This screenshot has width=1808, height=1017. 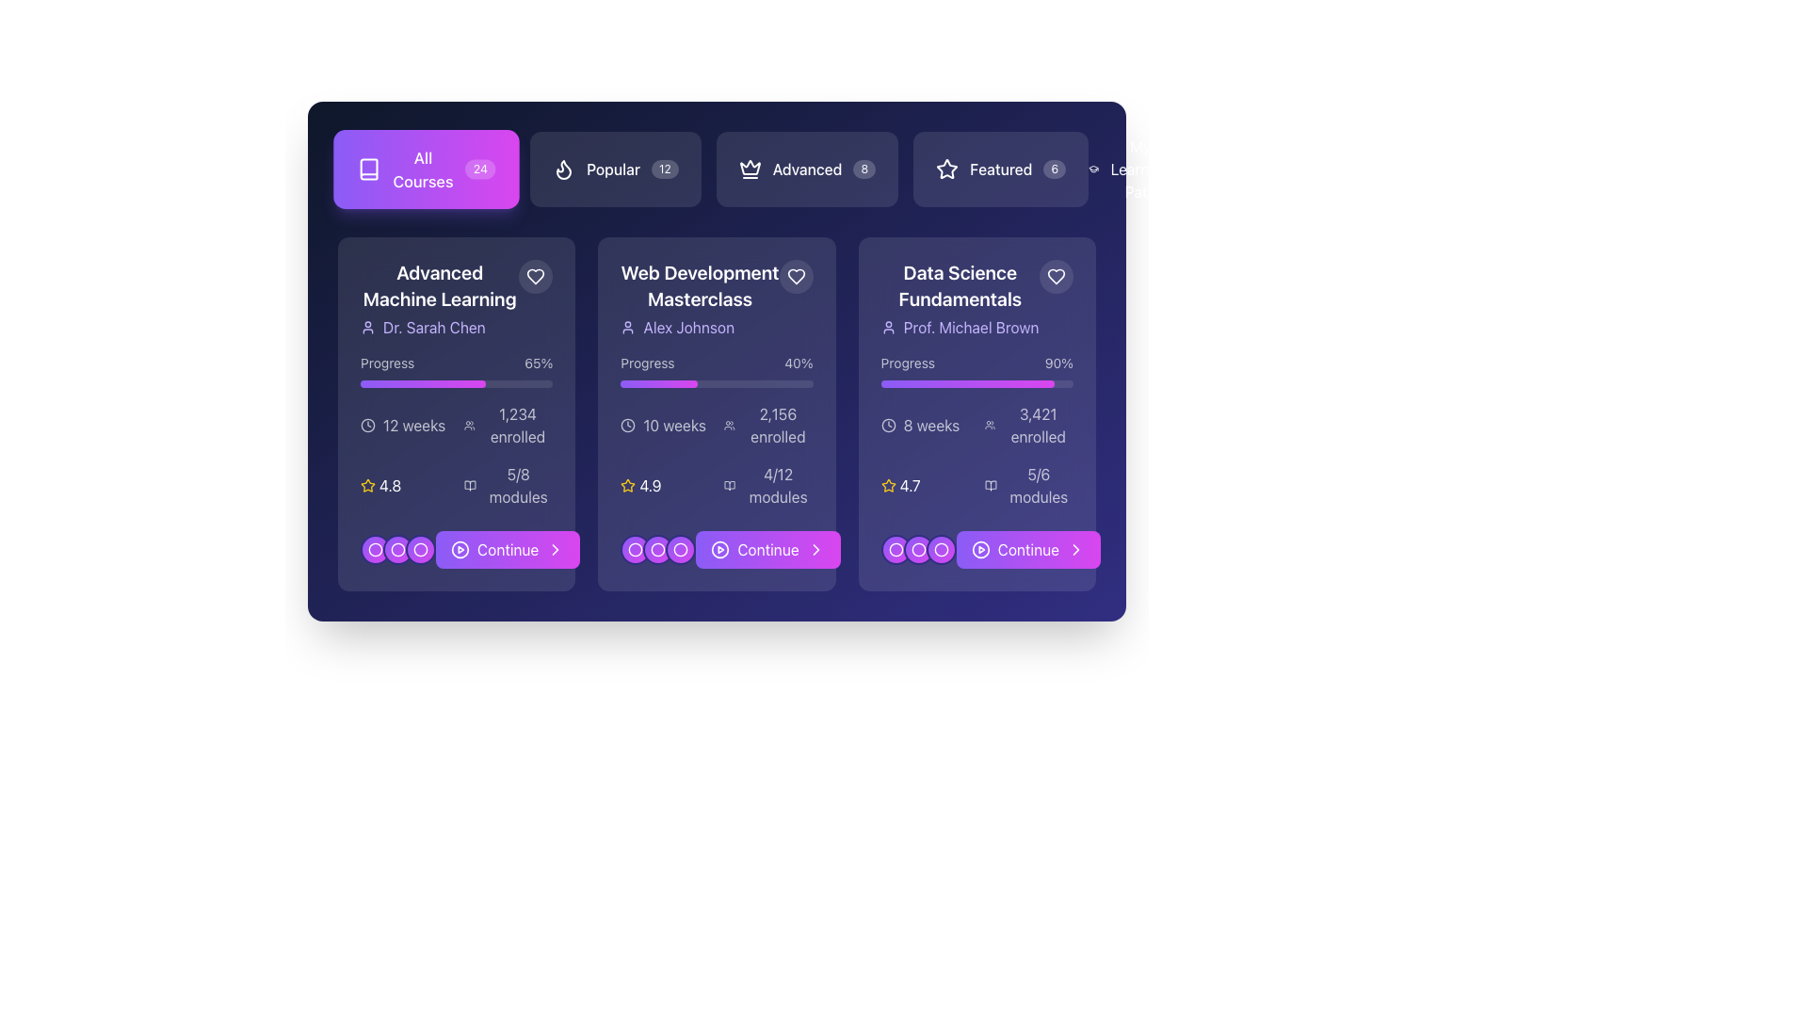 What do you see at coordinates (699, 326) in the screenshot?
I see `the label displaying the text 'Alex Johnson' styled in violet, which is located below the title 'Web Development Masterclass' in the upper-middle section of the second card` at bounding box center [699, 326].